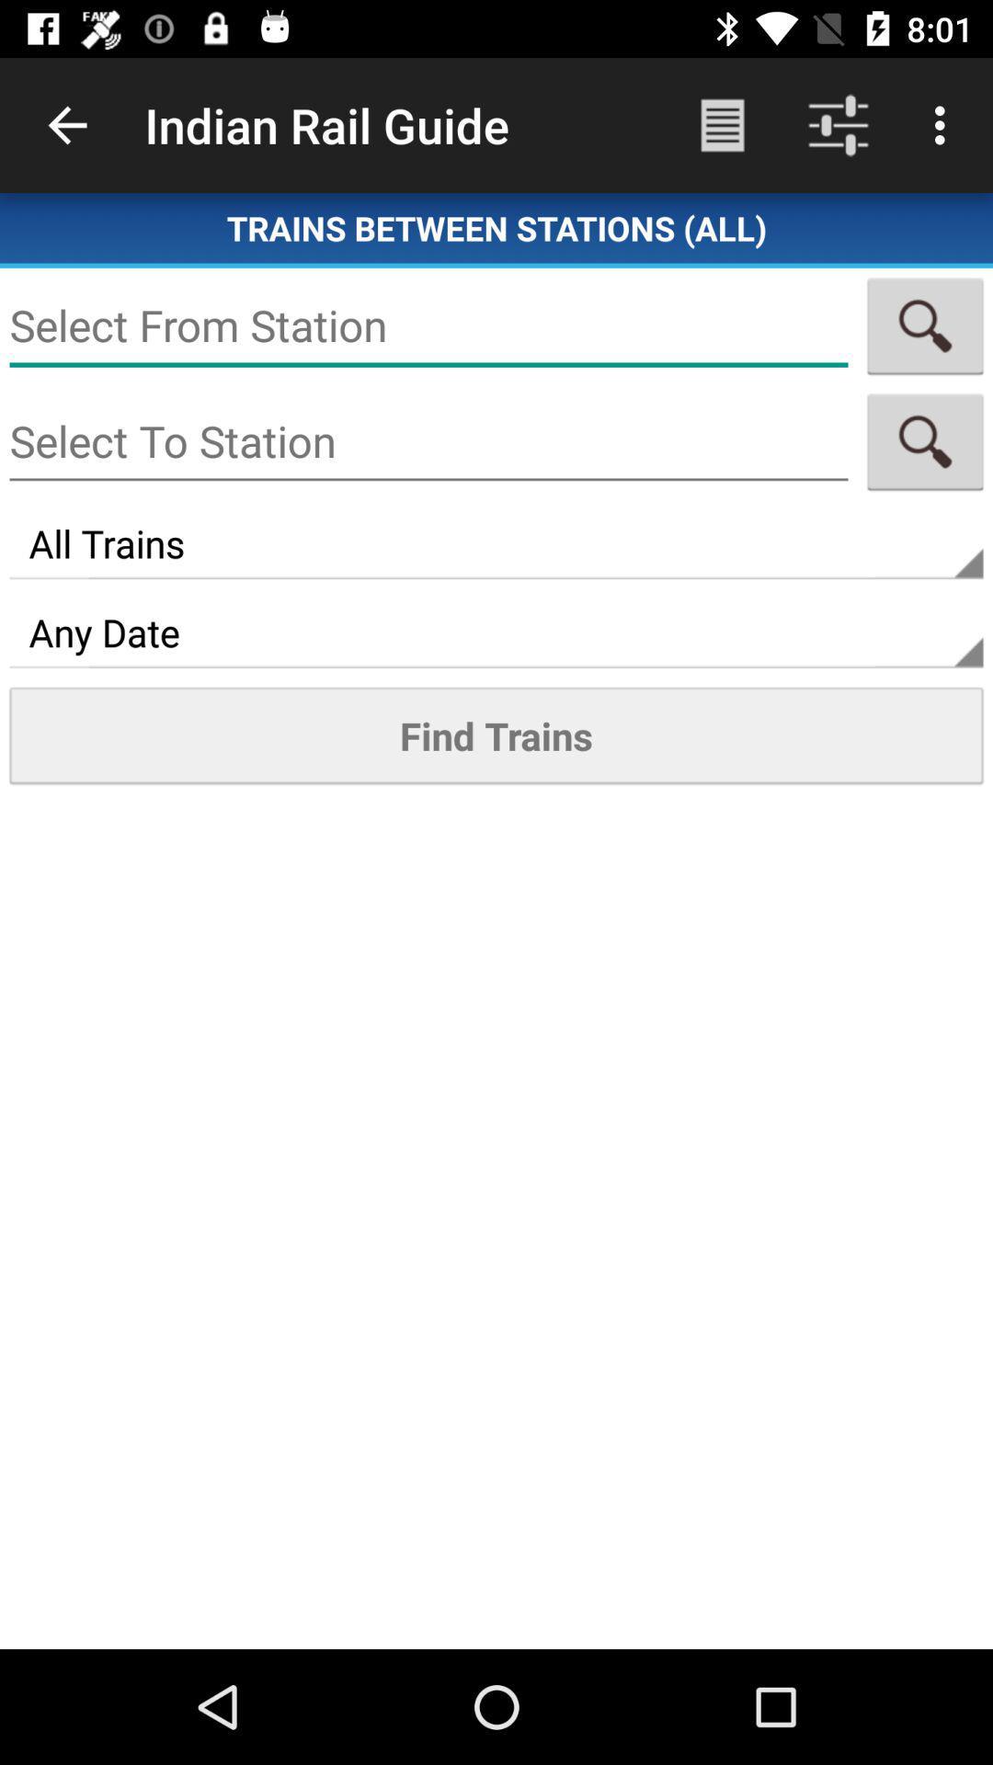 This screenshot has width=993, height=1765. I want to click on running train from, so click(428, 325).